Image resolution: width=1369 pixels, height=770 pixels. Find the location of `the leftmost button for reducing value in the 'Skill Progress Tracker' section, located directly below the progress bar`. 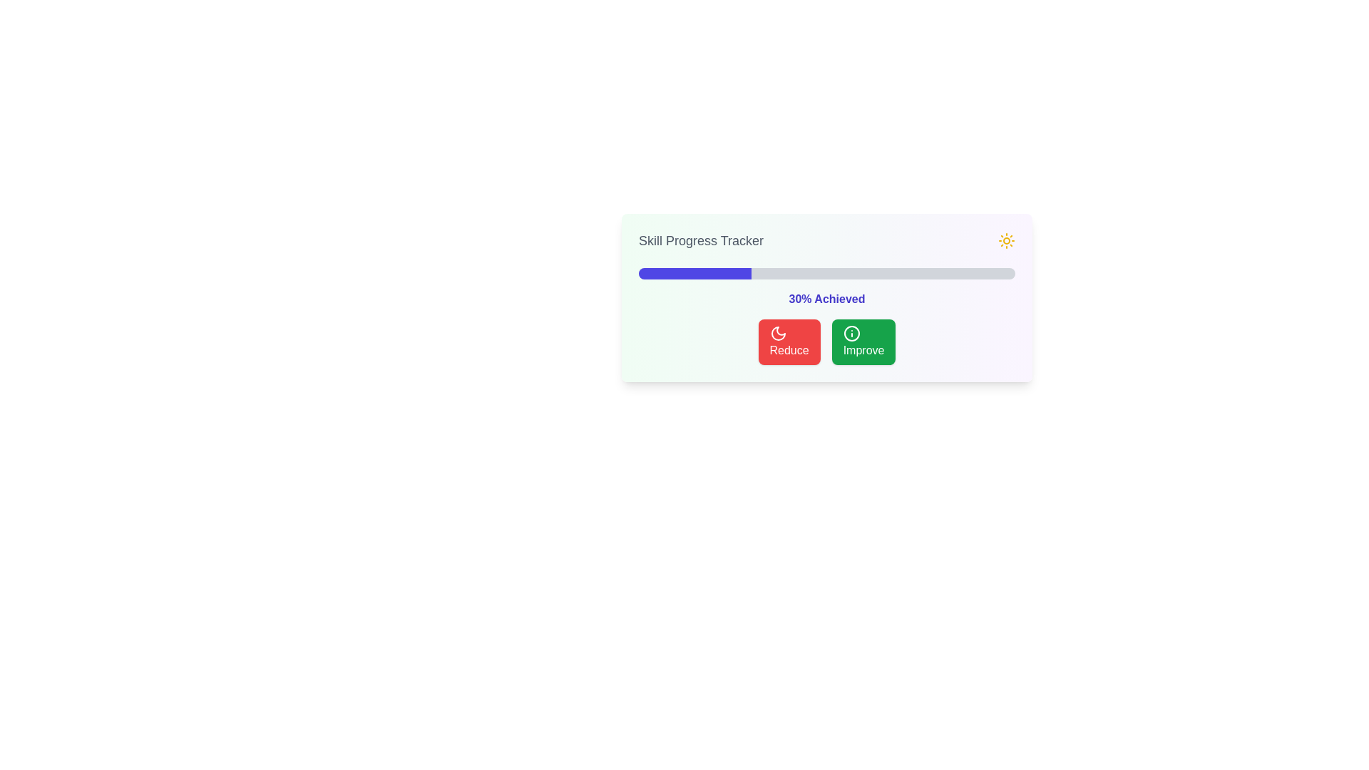

the leftmost button for reducing value in the 'Skill Progress Tracker' section, located directly below the progress bar is located at coordinates (789, 342).